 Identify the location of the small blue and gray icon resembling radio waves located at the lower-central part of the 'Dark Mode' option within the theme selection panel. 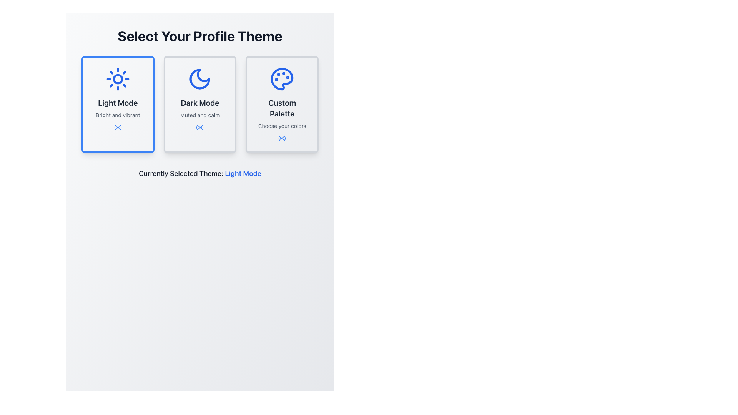
(200, 127).